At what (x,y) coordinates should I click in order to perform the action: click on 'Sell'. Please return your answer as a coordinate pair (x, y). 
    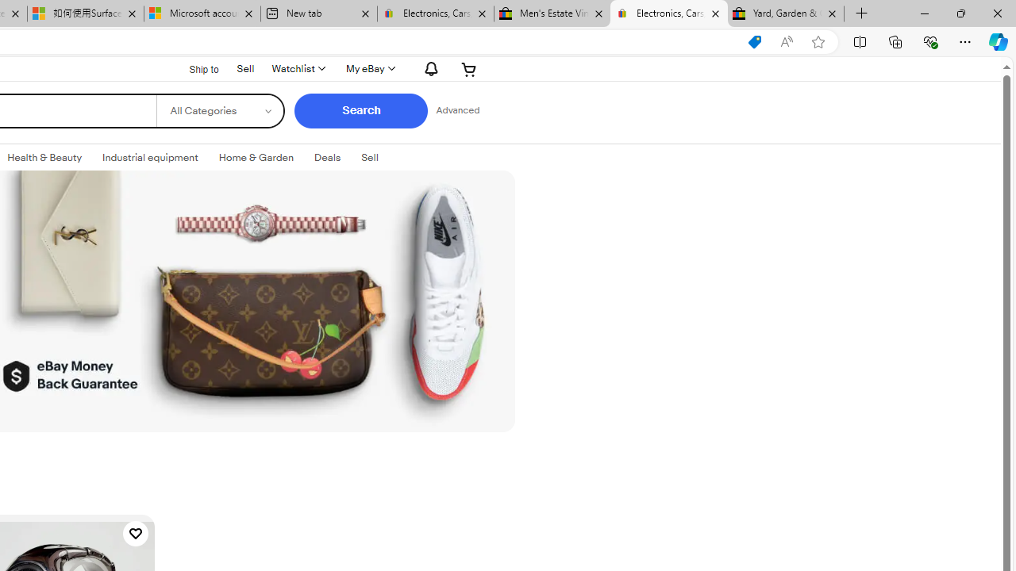
    Looking at the image, I should click on (368, 158).